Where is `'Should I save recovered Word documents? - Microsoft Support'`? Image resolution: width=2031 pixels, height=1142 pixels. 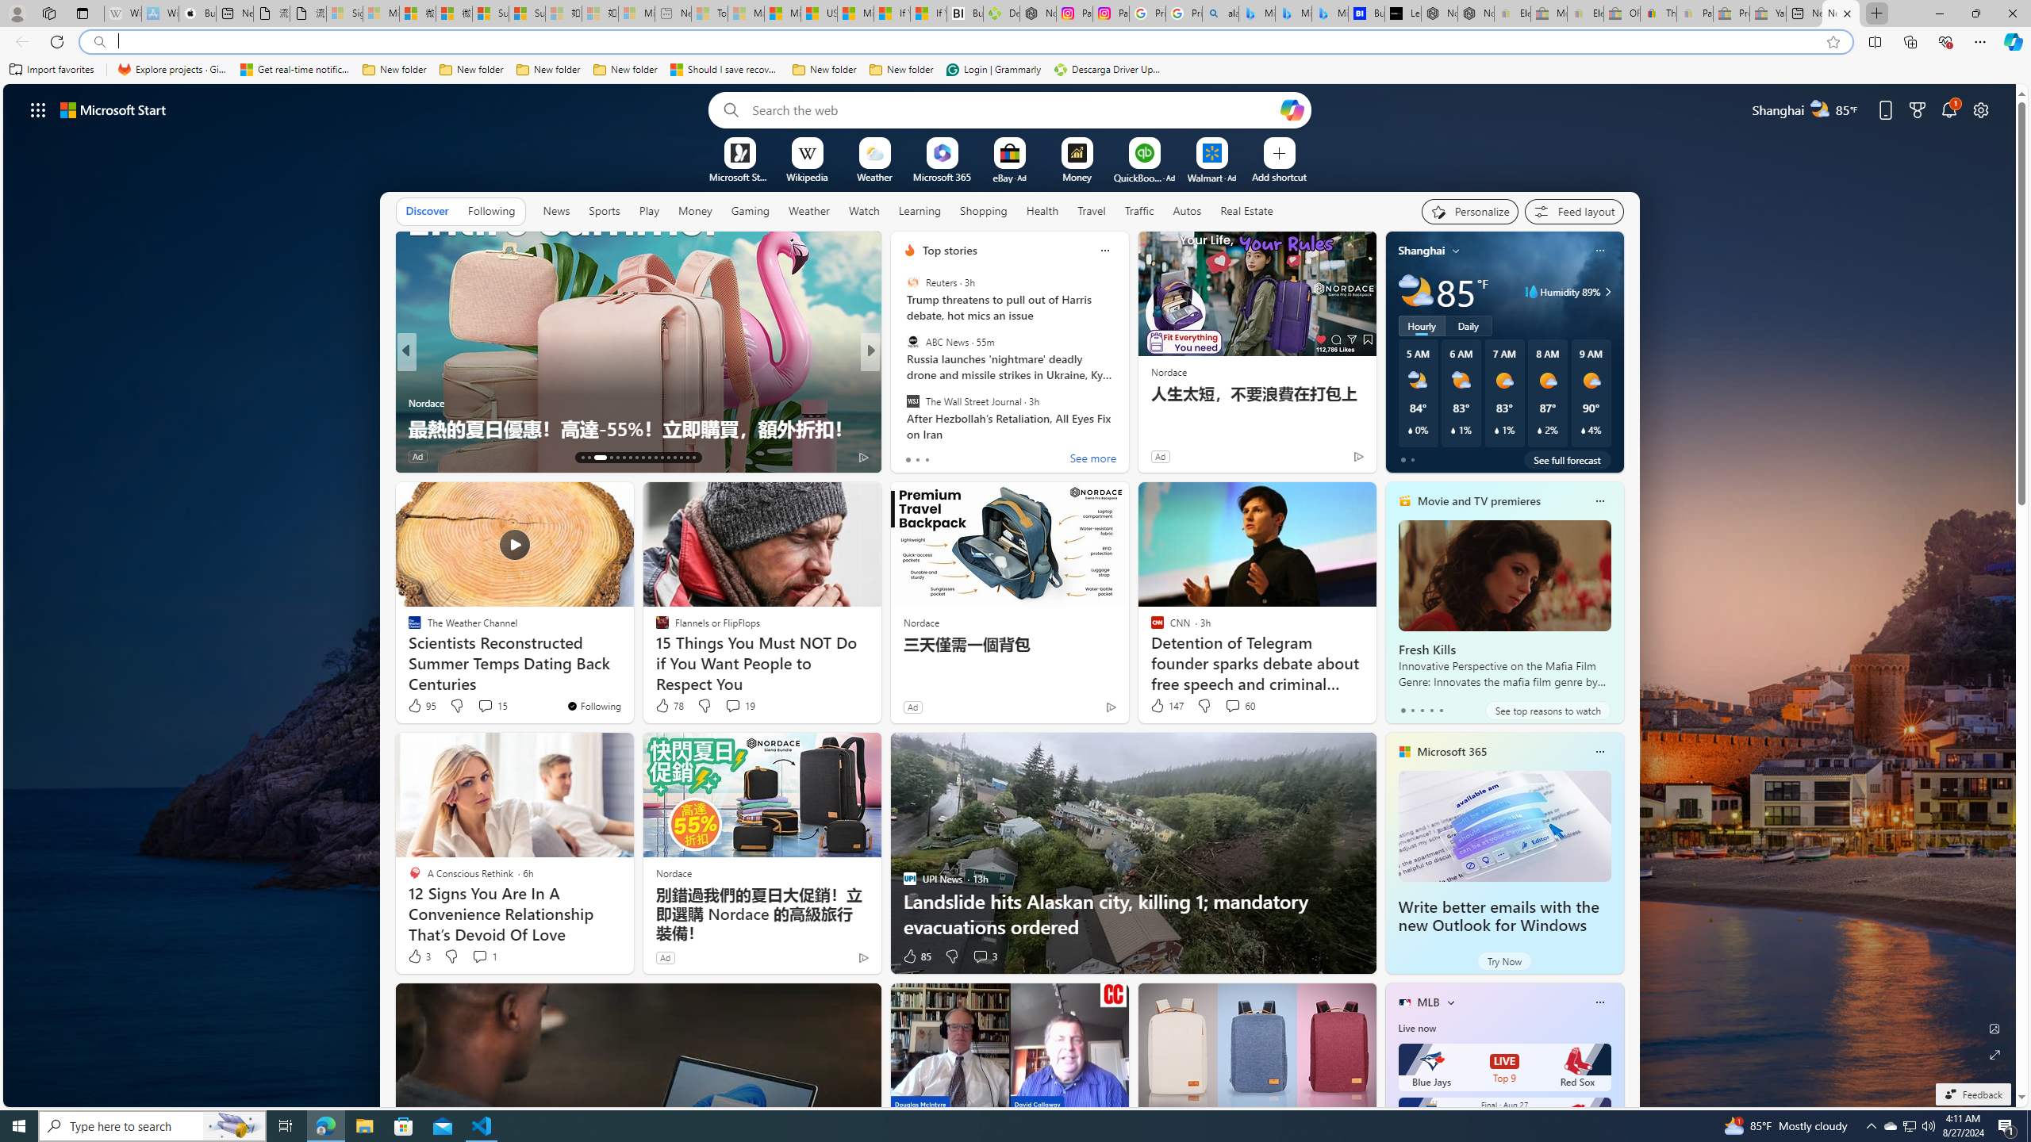 'Should I save recovered Word documents? - Microsoft Support' is located at coordinates (724, 69).